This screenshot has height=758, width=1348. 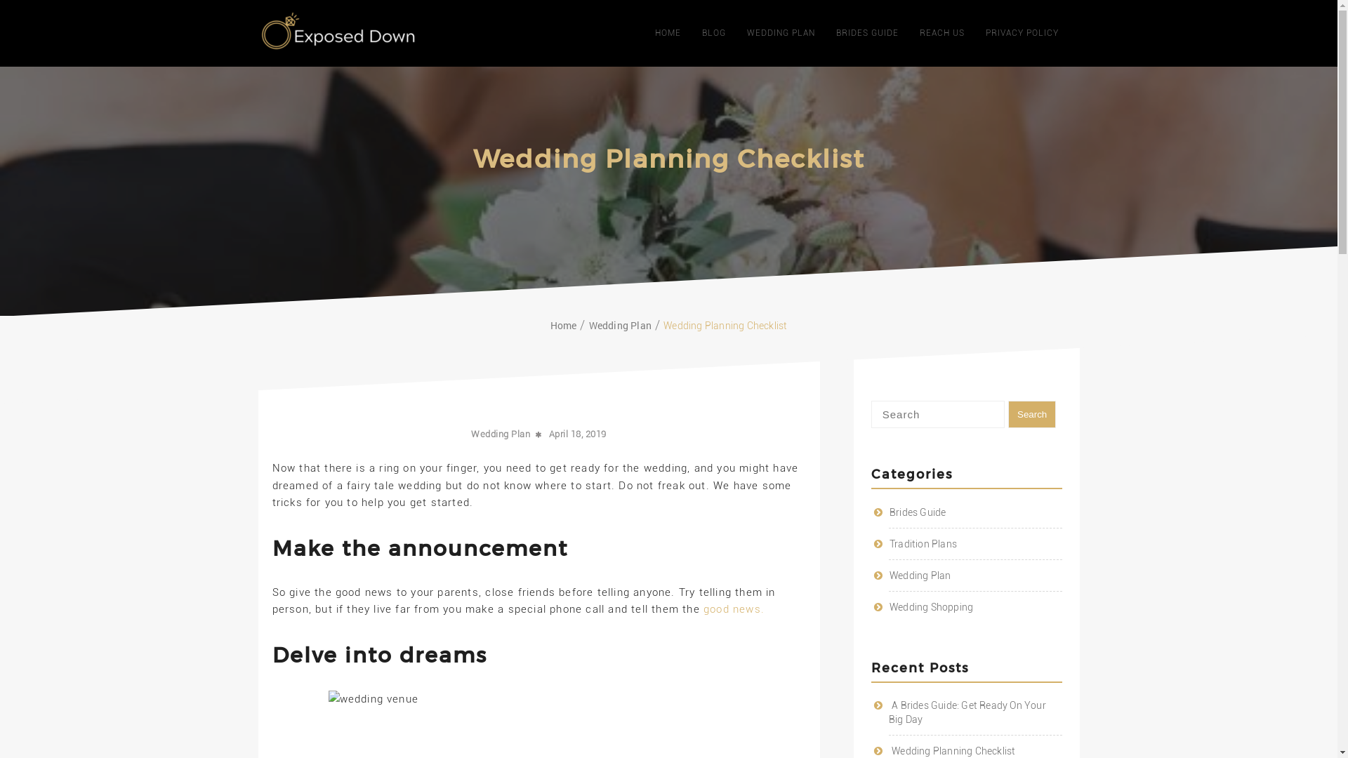 I want to click on 'Tradition Plans', so click(x=889, y=543).